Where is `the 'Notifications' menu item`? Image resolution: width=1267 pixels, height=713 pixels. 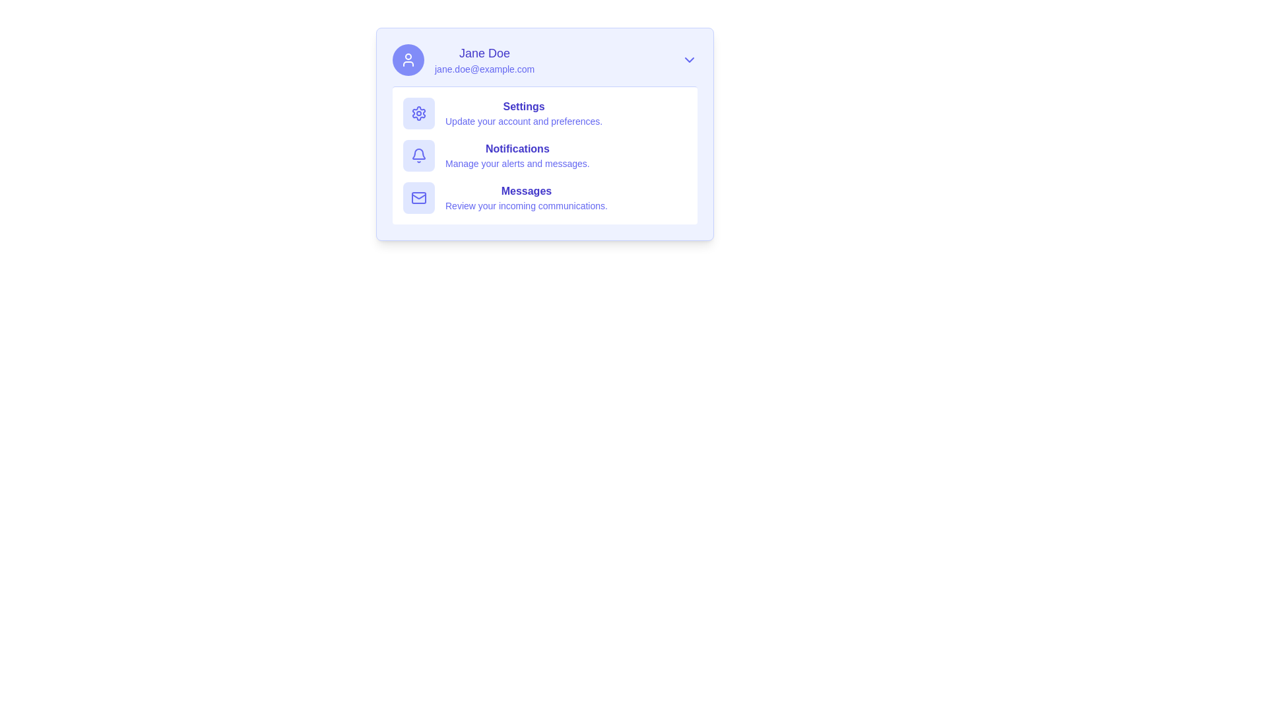
the 'Notifications' menu item is located at coordinates (517, 154).